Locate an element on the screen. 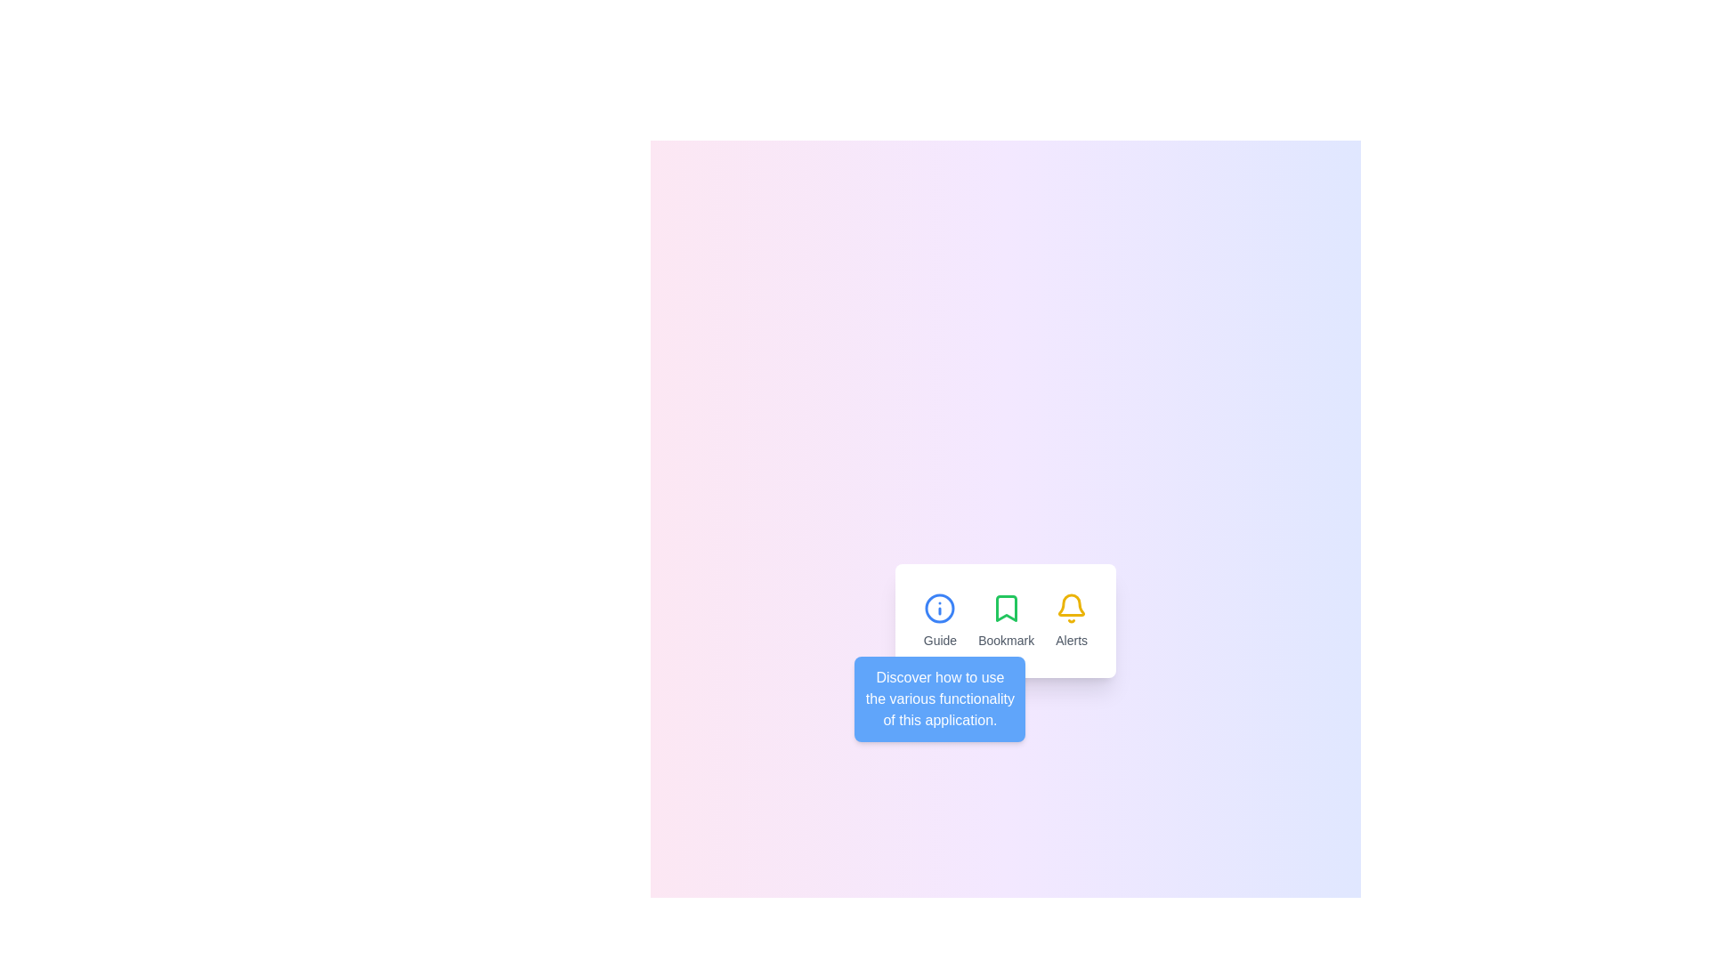 The image size is (1709, 961). the blue circular icon located at the center of the information icon, which is the leftmost of the three icons labeled 'Guide', 'Bookmark', and 'Alerts' is located at coordinates (939, 607).